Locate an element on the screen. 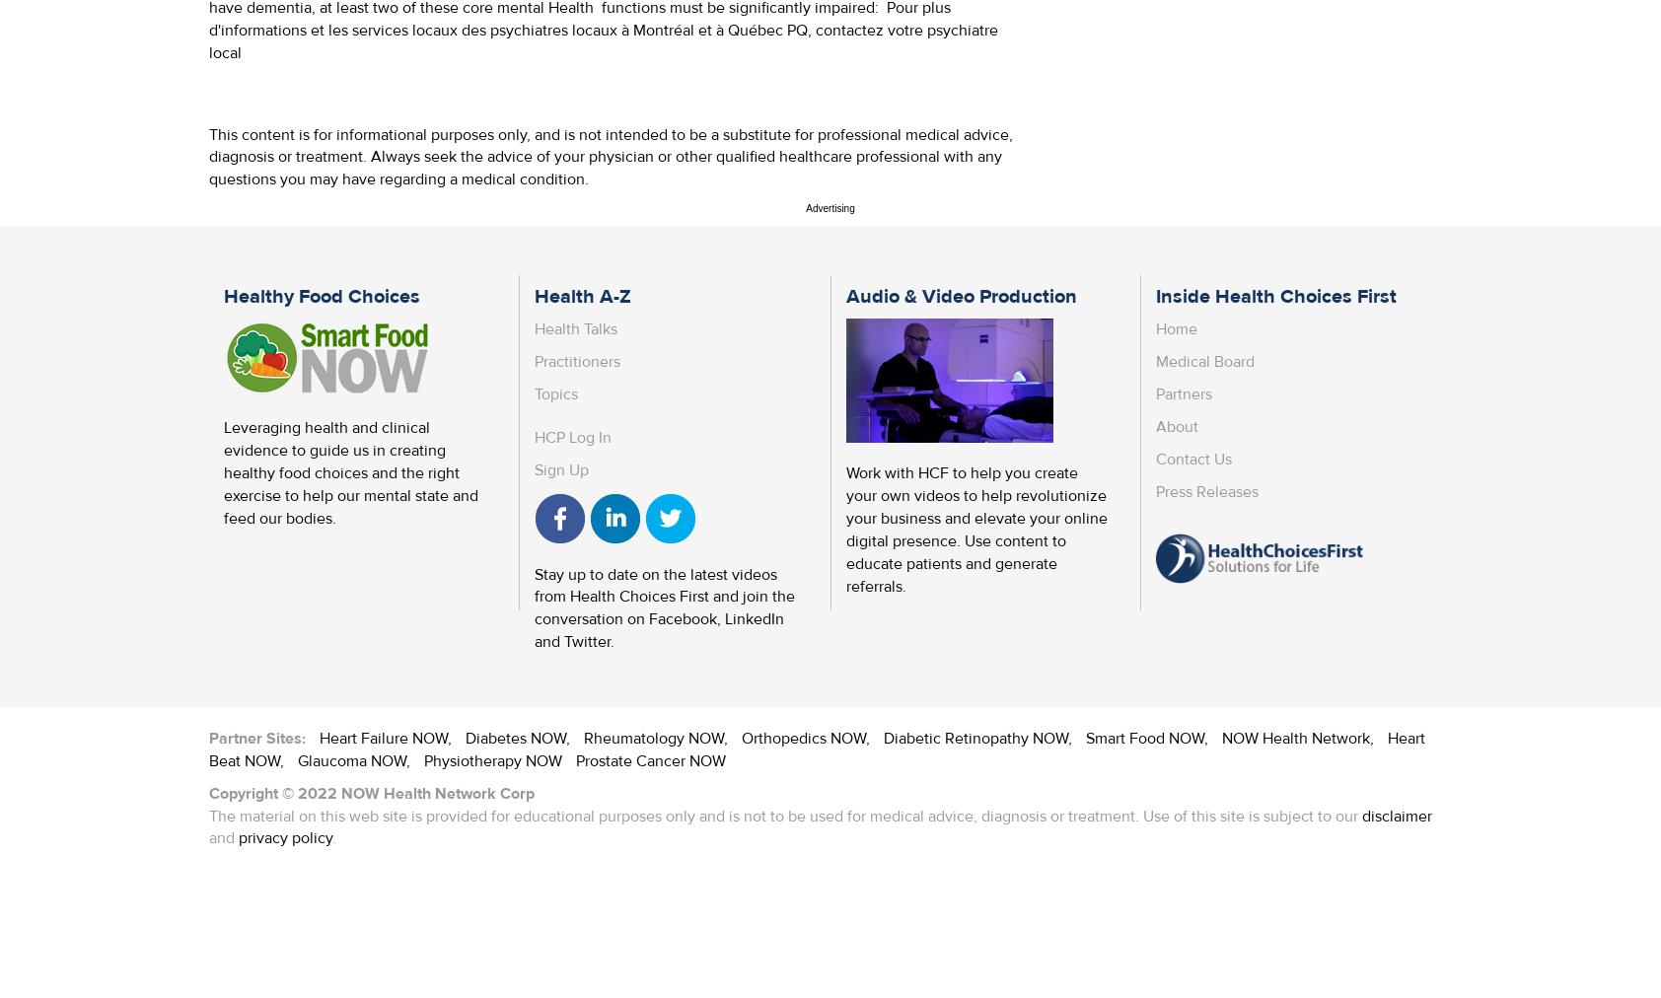  'Diabetic Retinopathy NOW,' is located at coordinates (978, 737).